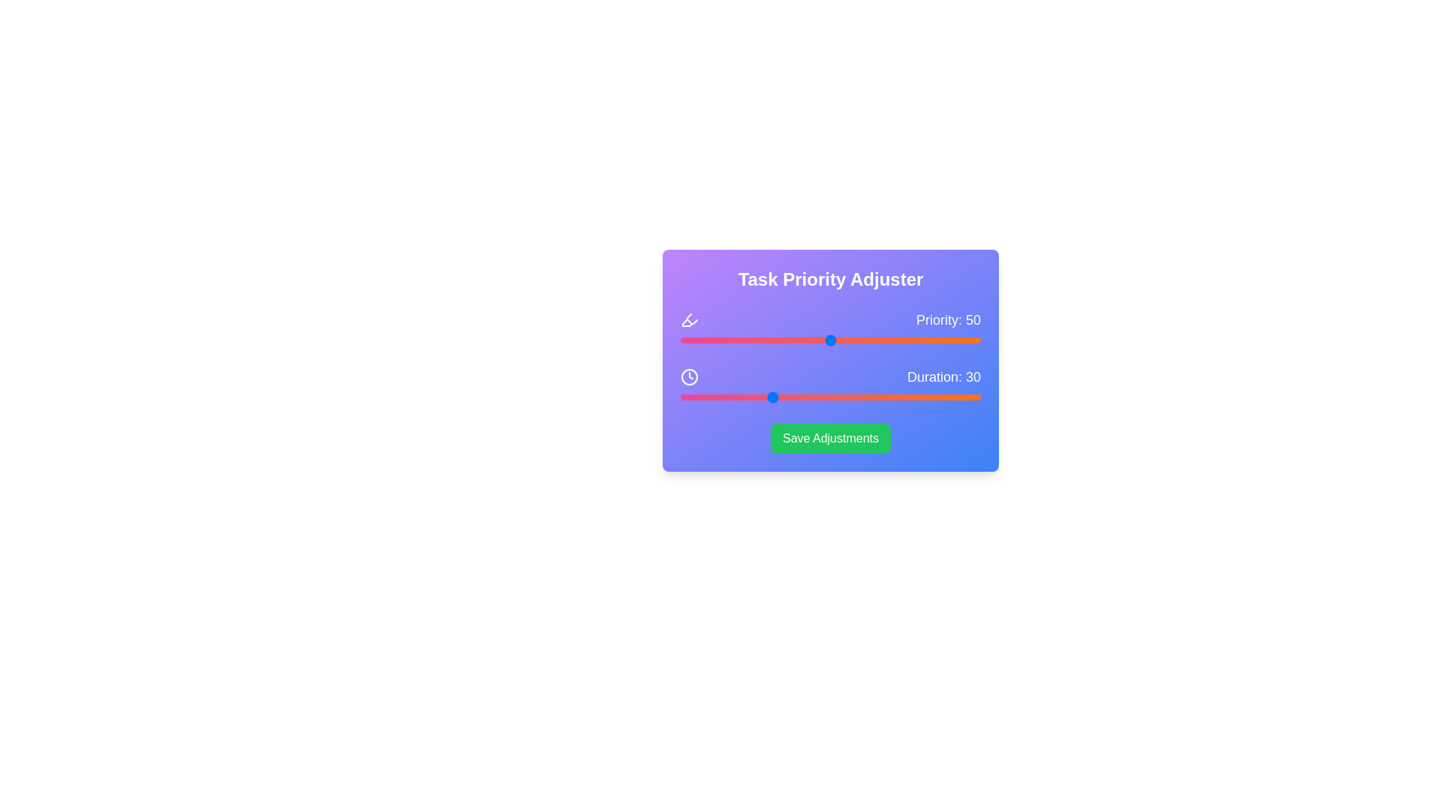 Image resolution: width=1441 pixels, height=810 pixels. What do you see at coordinates (965, 340) in the screenshot?
I see `the priority slider to set its value to 95` at bounding box center [965, 340].